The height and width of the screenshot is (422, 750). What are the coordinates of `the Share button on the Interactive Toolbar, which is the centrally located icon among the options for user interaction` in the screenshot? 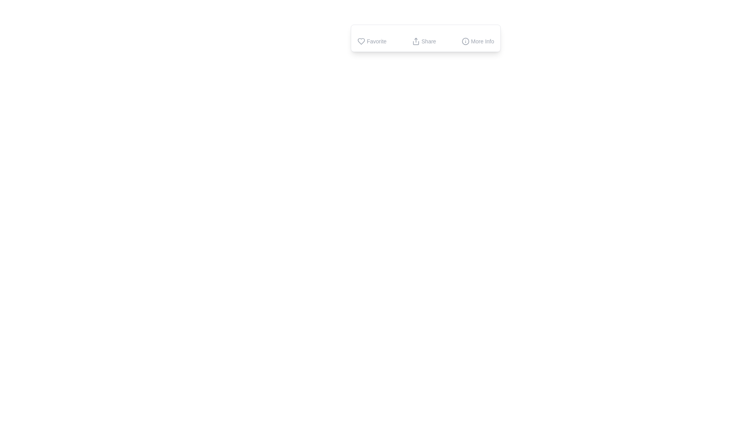 It's located at (425, 38).